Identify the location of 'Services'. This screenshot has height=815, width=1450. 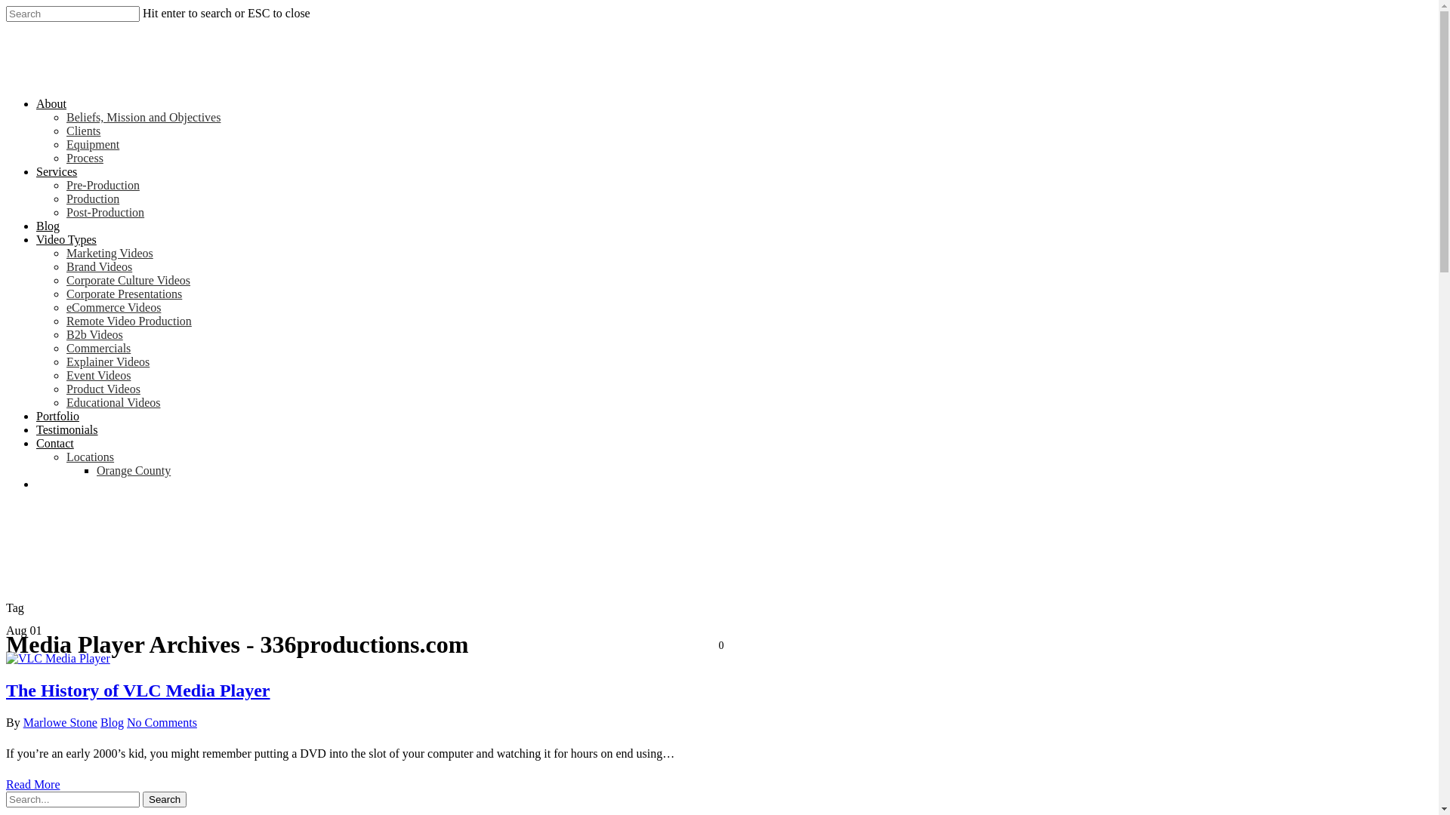
(36, 171).